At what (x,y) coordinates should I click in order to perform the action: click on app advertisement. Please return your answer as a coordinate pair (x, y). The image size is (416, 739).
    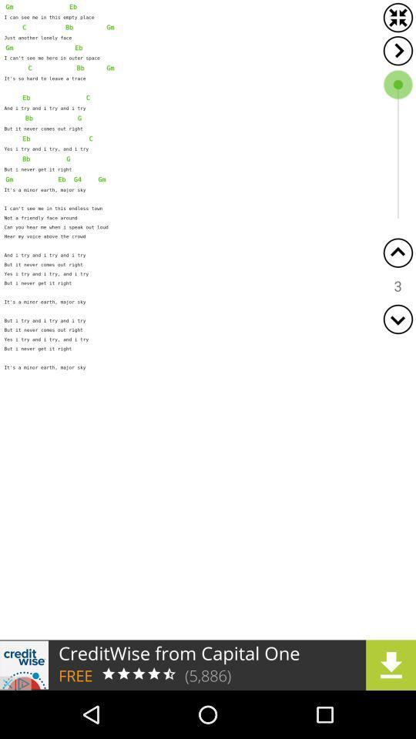
    Looking at the image, I should click on (208, 664).